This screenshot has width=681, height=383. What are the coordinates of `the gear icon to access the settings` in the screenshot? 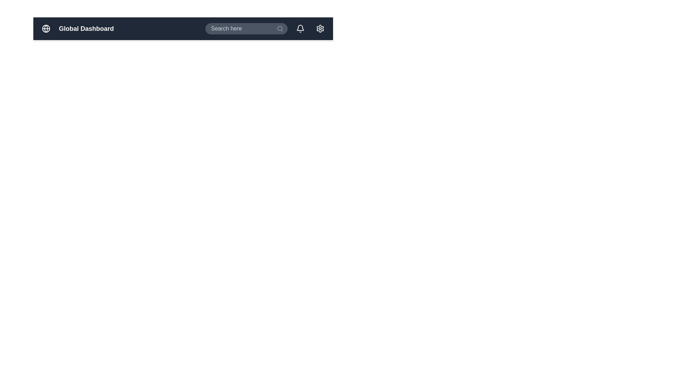 It's located at (320, 28).